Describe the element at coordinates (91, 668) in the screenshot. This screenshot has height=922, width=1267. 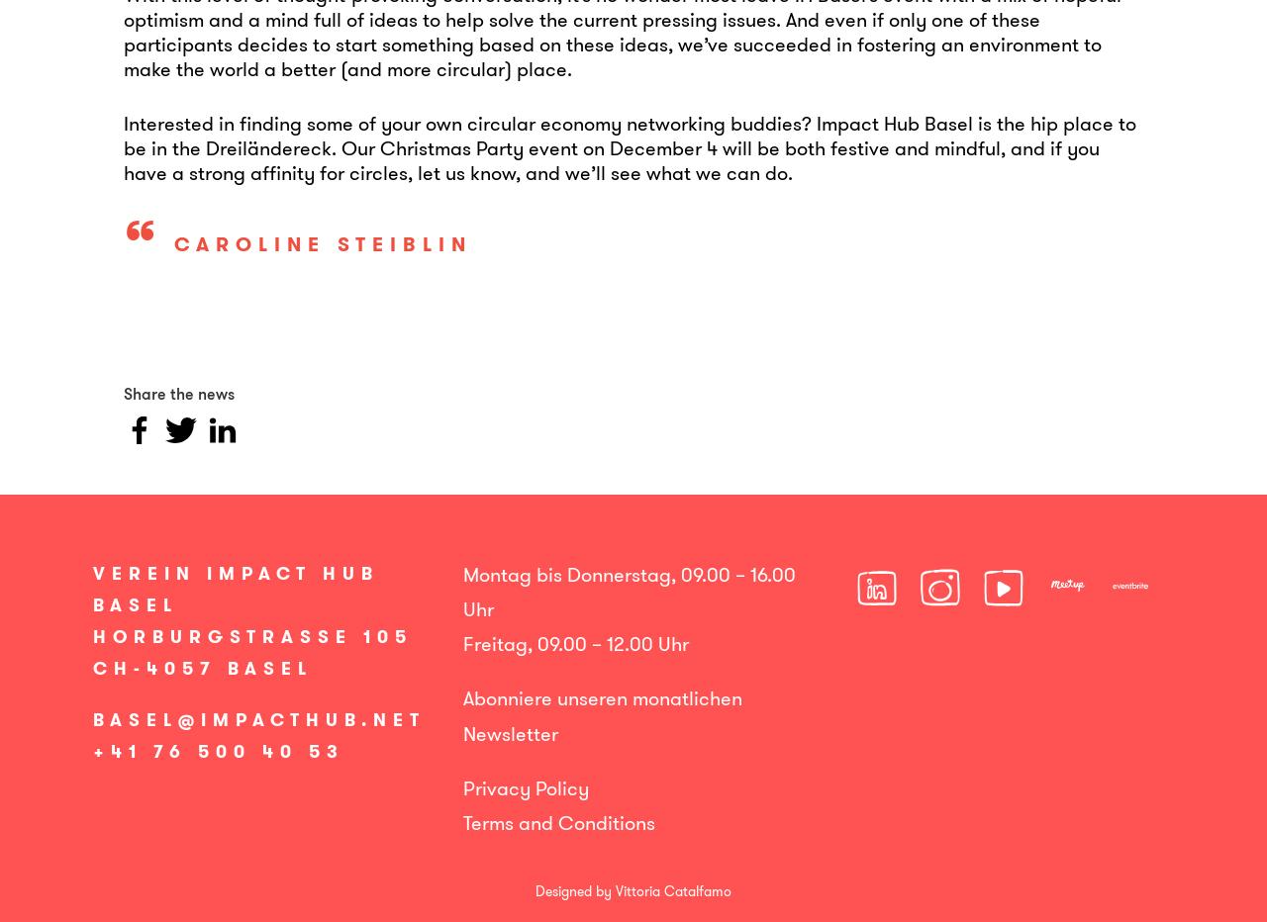
I see `'CH-4057 Basel'` at that location.